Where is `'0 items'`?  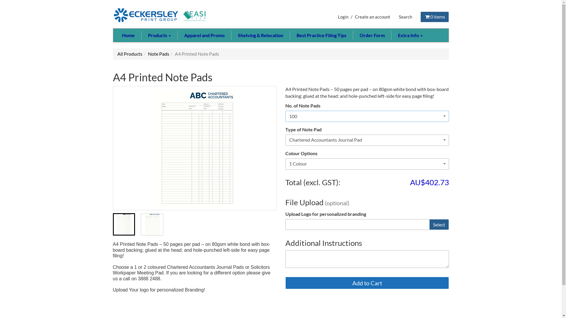 '0 items' is located at coordinates (435, 16).